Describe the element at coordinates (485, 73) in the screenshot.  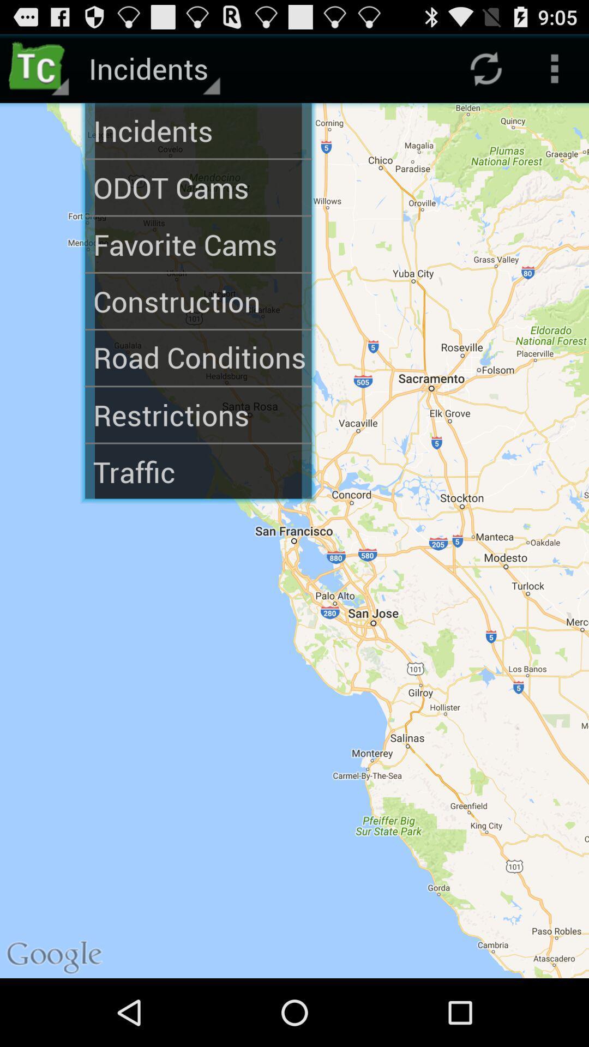
I see `the refresh icon` at that location.